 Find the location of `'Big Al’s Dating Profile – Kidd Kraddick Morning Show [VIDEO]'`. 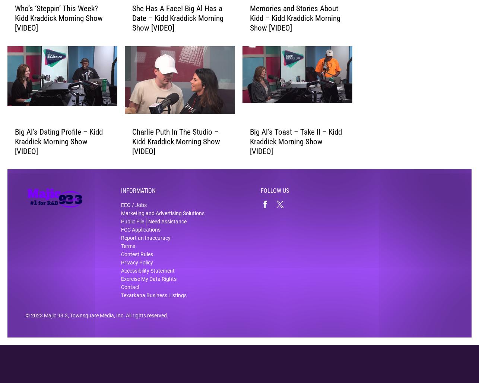

'Big Al’s Dating Profile – Kidd Kraddick Morning Show [VIDEO]' is located at coordinates (59, 147).